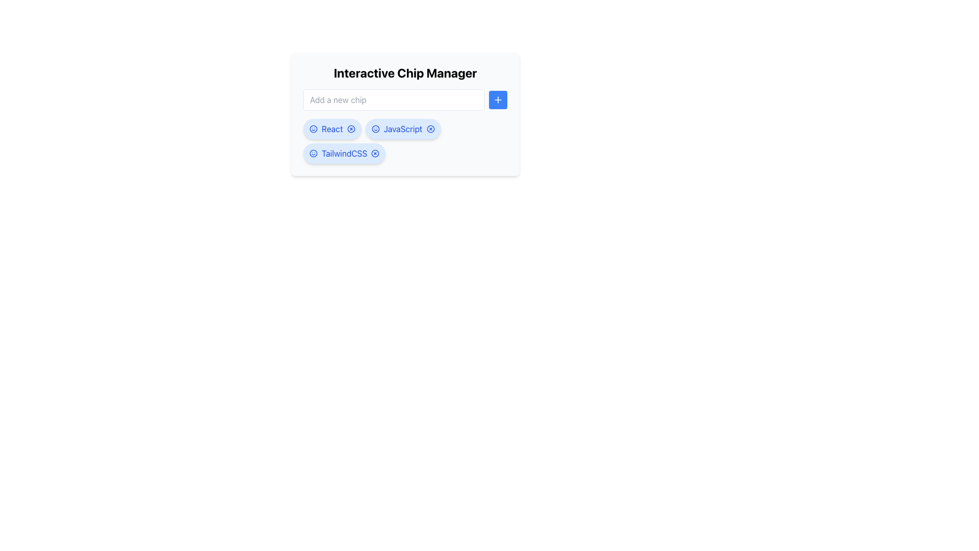 This screenshot has height=551, width=979. I want to click on the close button associated with the 'JavaScript' chip to change its color, so click(430, 129).